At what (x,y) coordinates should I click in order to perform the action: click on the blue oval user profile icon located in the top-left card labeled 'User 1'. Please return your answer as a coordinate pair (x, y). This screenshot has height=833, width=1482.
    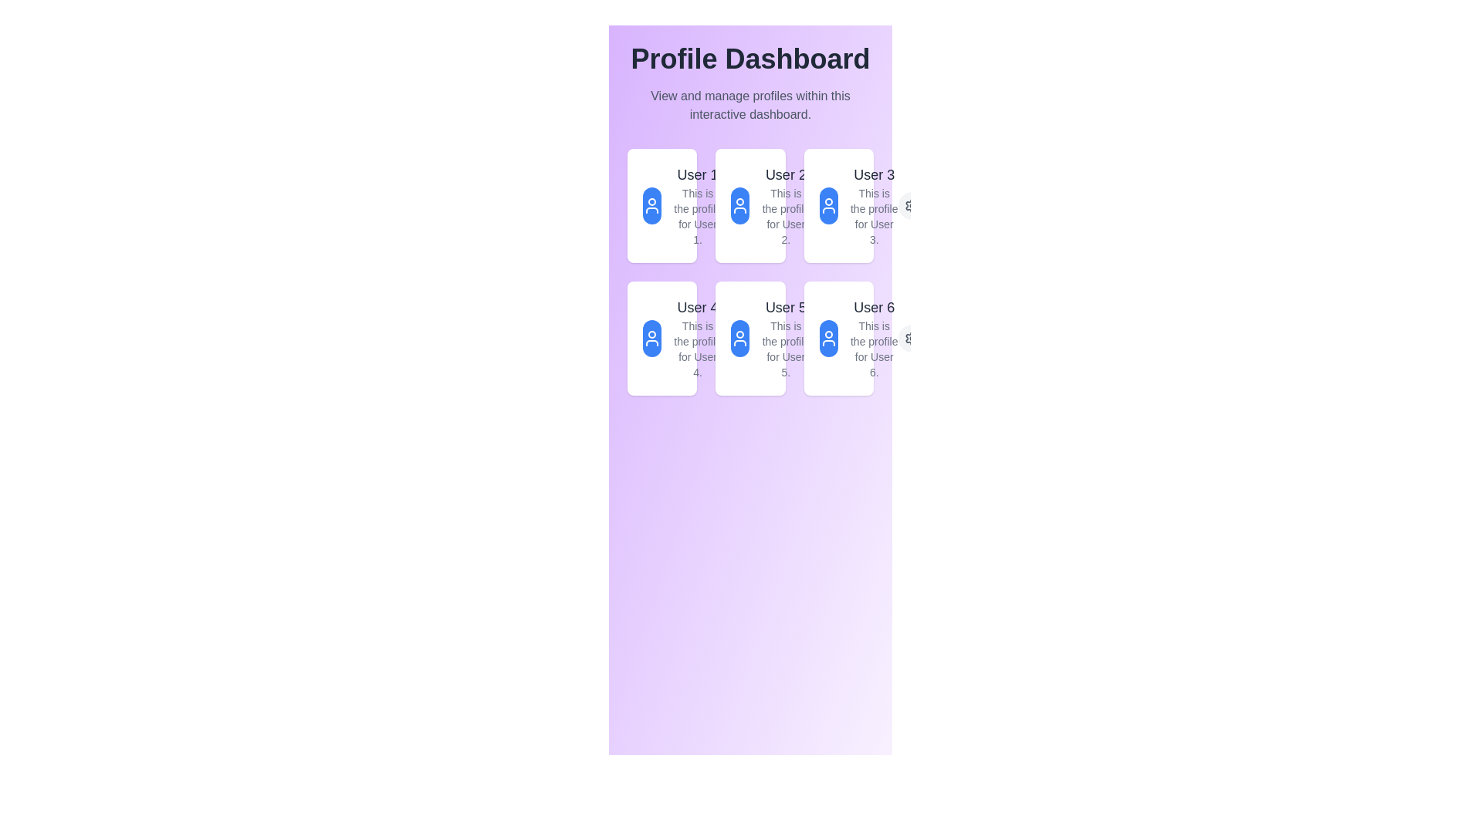
    Looking at the image, I should click on (662, 204).